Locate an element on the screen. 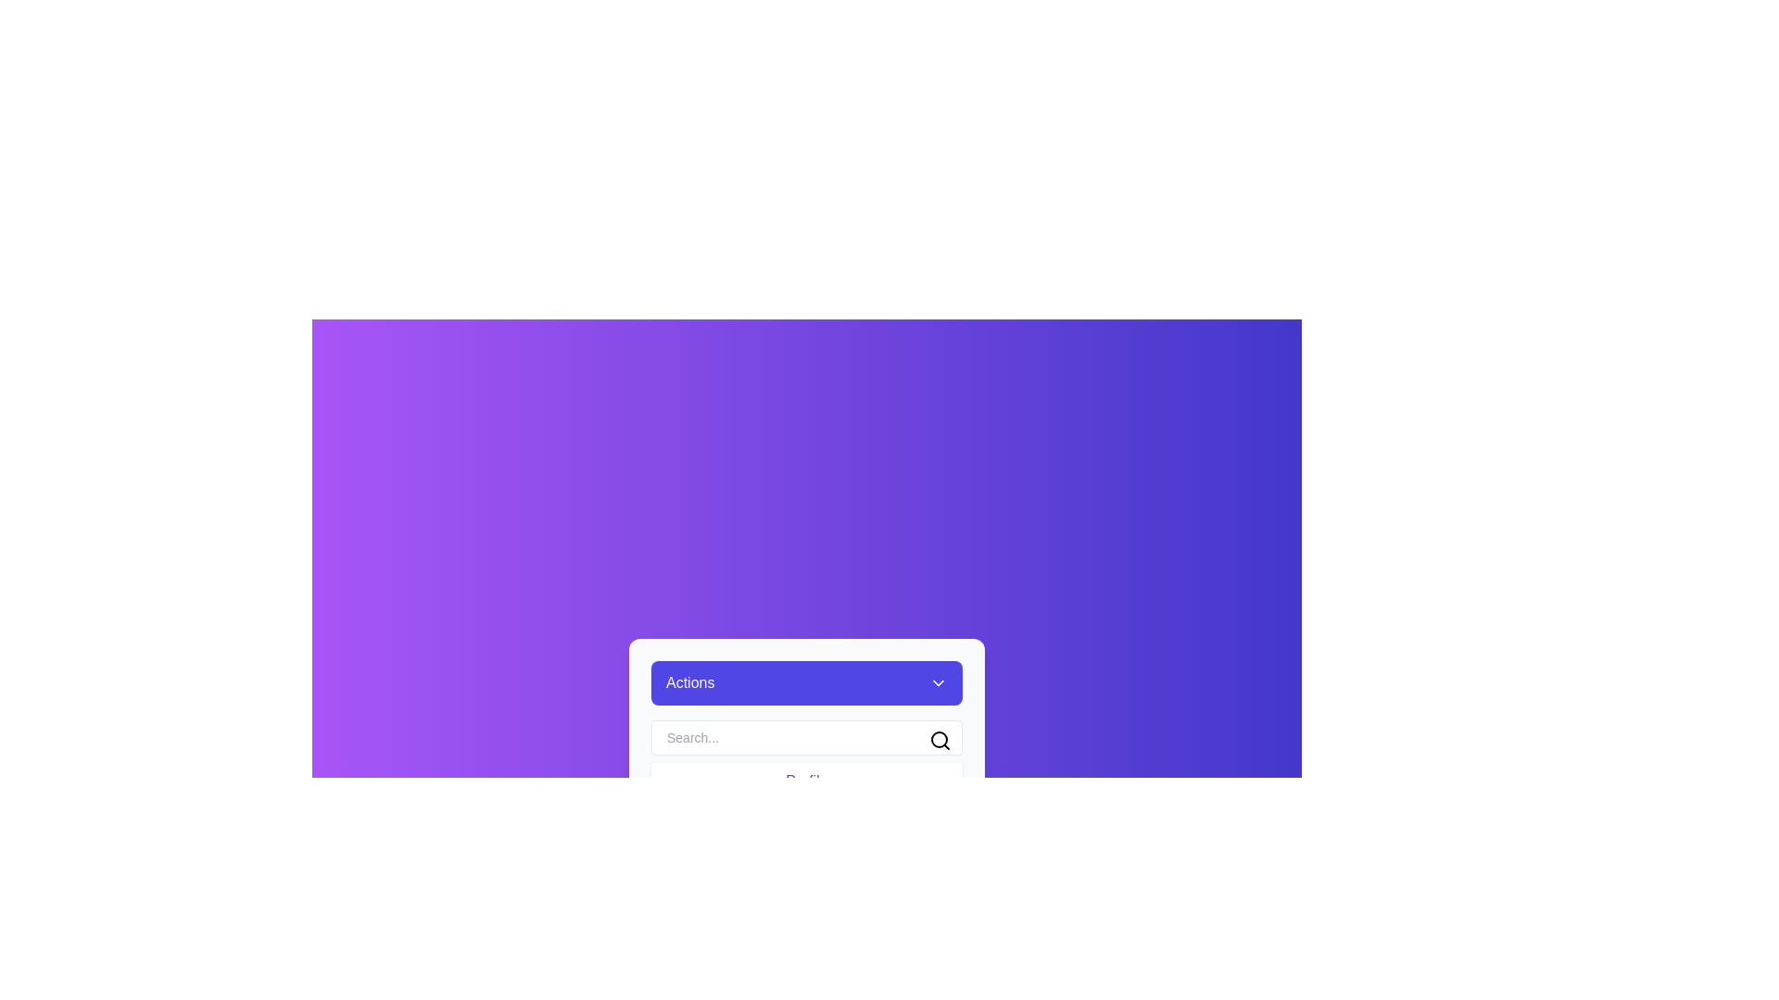 Image resolution: width=1779 pixels, height=1000 pixels. the item Profile from the dropdown menu is located at coordinates (806, 781).